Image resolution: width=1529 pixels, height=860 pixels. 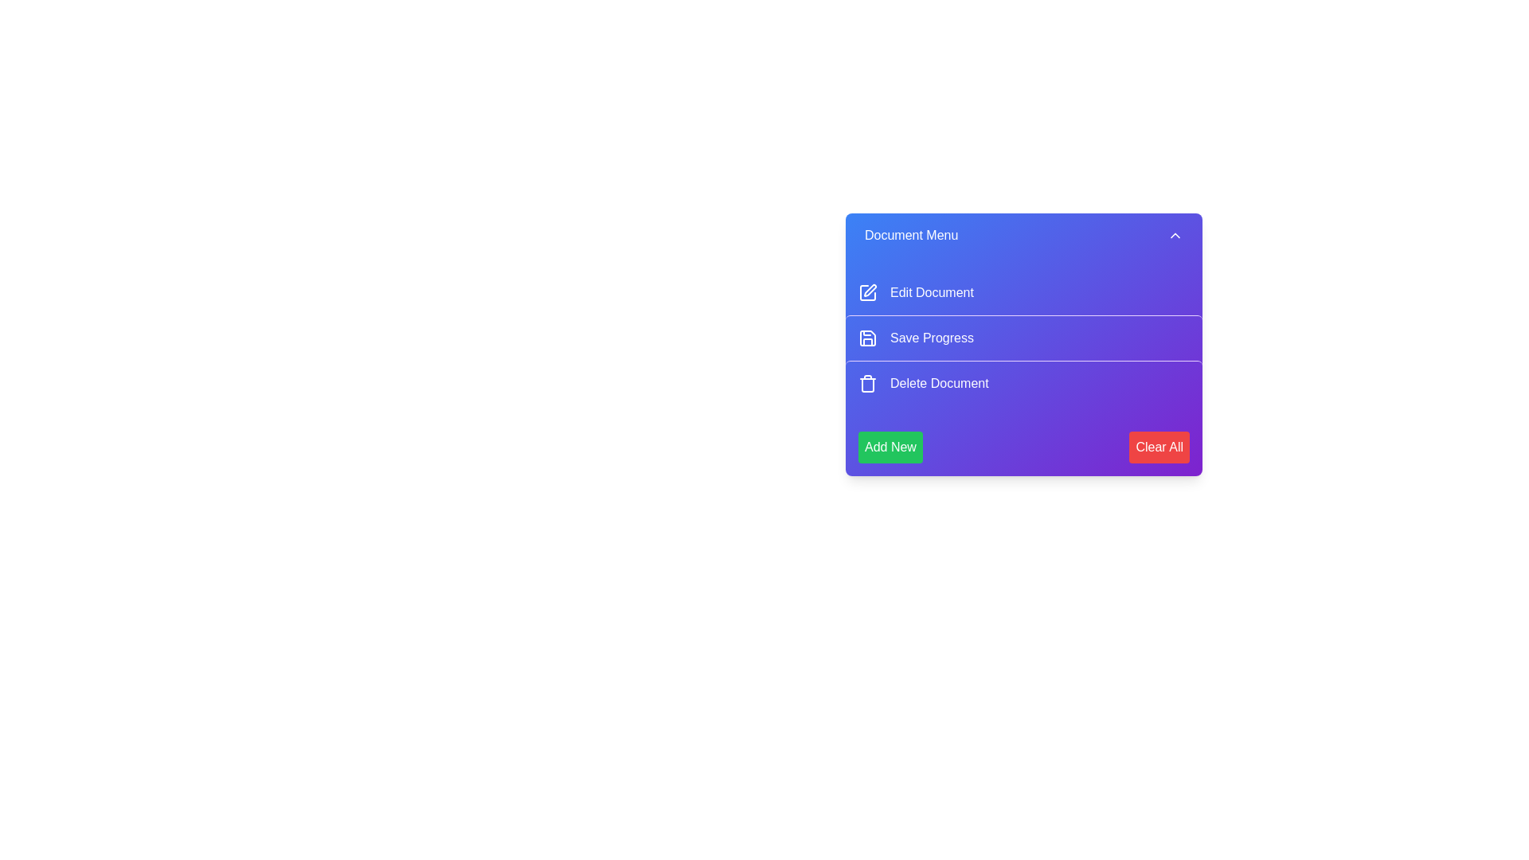 I want to click on 'Clear All' button, so click(x=1159, y=448).